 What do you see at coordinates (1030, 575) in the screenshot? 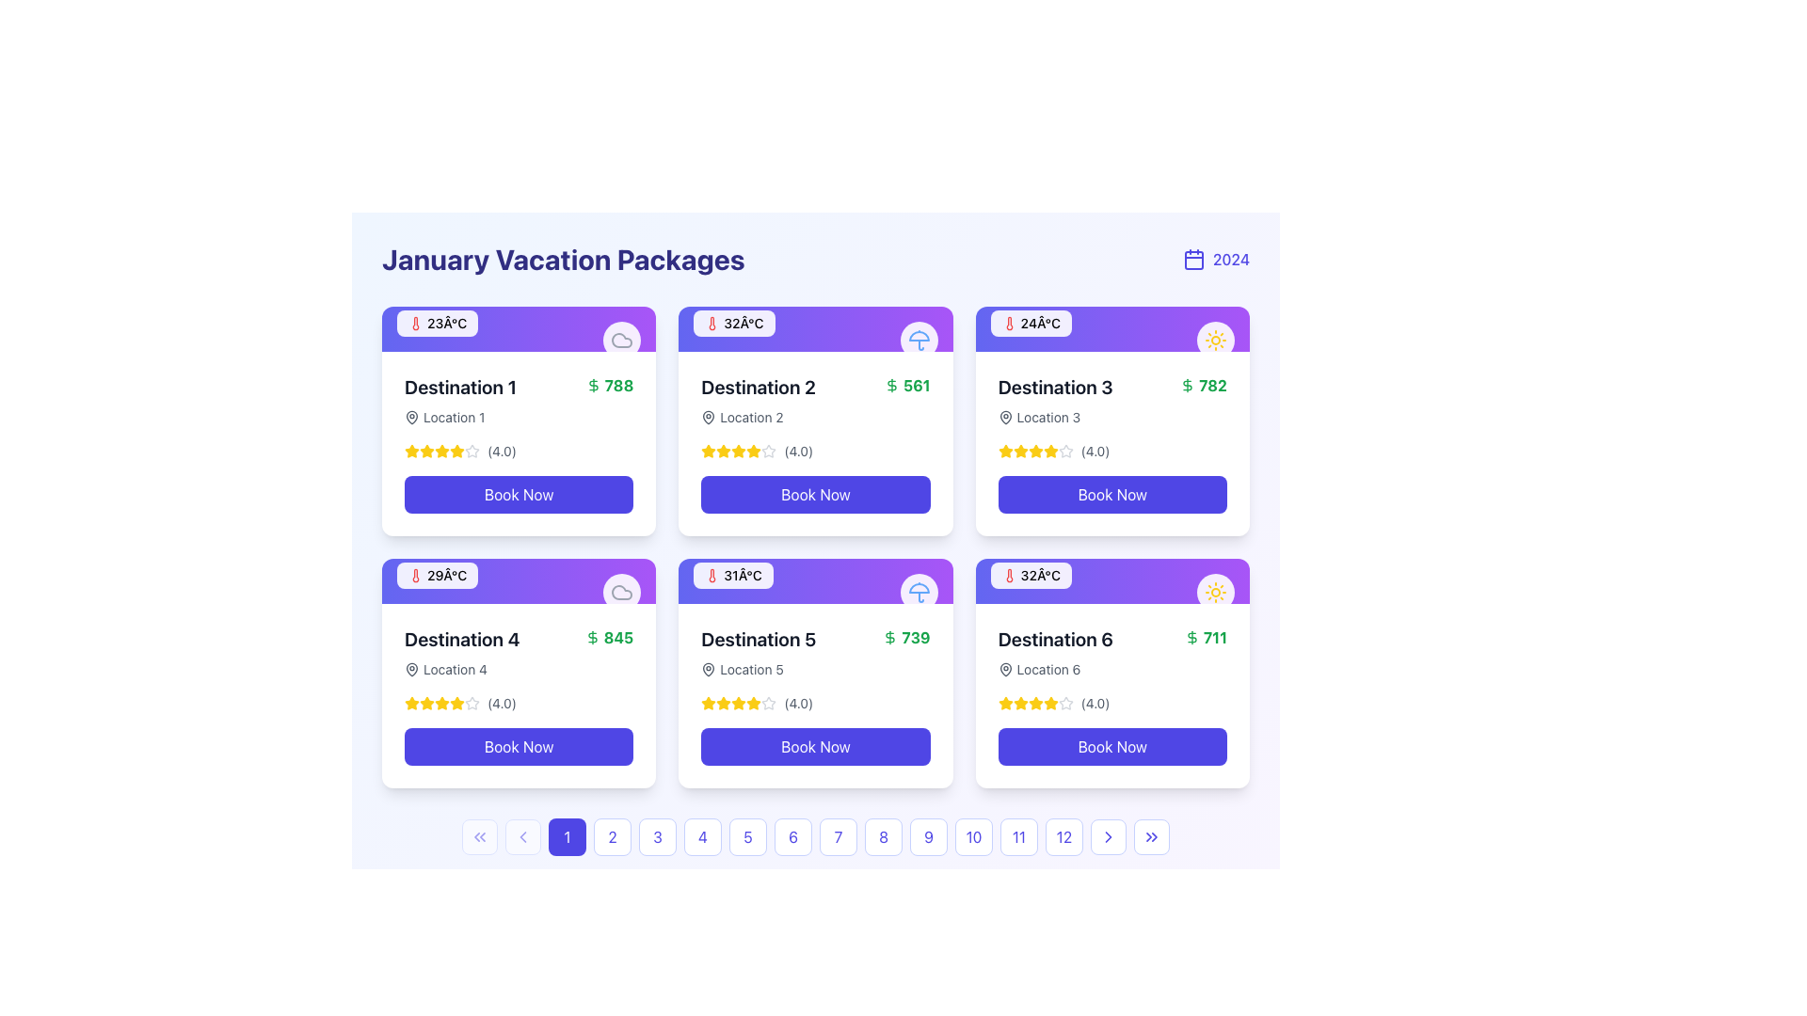
I see `the Information Label displaying '32°C' located in the header section of the last card representing 'Destination 6'` at bounding box center [1030, 575].